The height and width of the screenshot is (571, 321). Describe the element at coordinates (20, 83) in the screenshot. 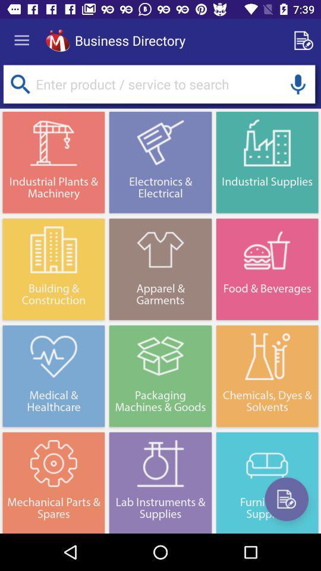

I see `the search icon` at that location.